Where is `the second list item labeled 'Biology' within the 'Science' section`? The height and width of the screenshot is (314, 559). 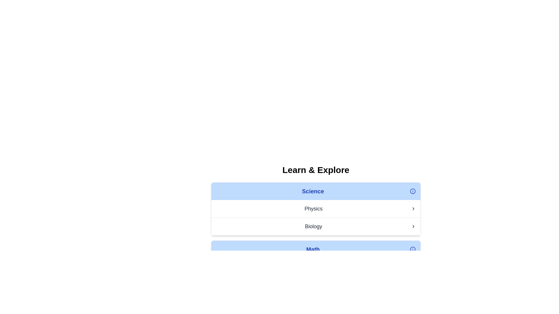 the second list item labeled 'Biology' within the 'Science' section is located at coordinates (315, 226).